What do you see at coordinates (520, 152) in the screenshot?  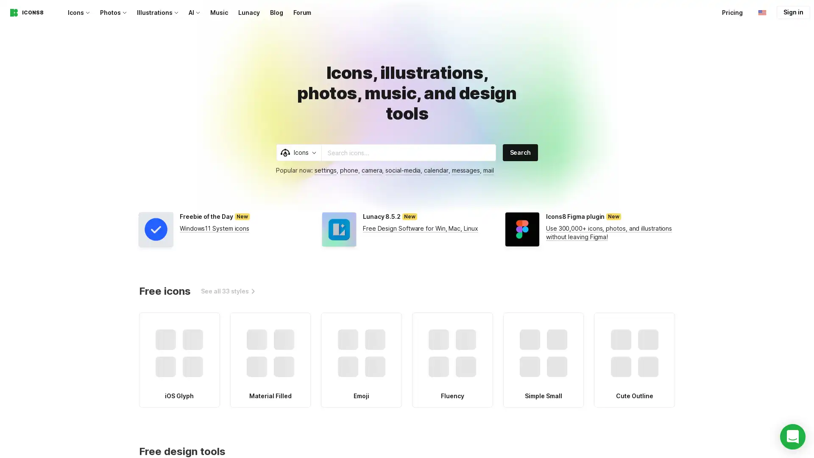 I see `Search` at bounding box center [520, 152].